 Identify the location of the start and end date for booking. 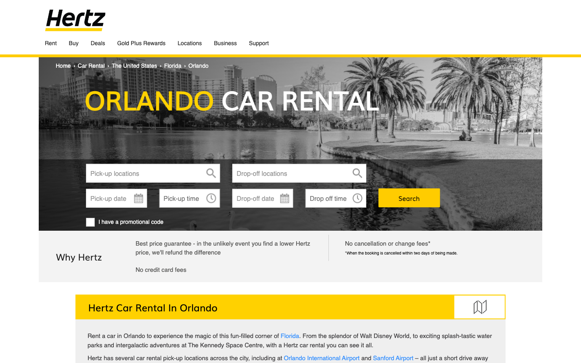
(116, 198).